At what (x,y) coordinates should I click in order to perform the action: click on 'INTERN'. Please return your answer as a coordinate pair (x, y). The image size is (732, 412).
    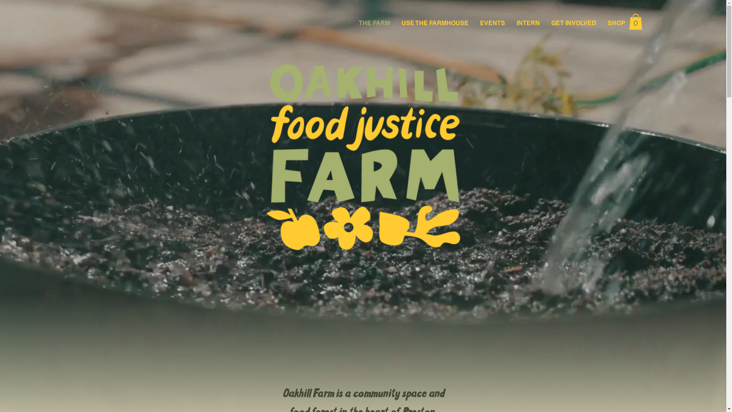
    Looking at the image, I should click on (528, 23).